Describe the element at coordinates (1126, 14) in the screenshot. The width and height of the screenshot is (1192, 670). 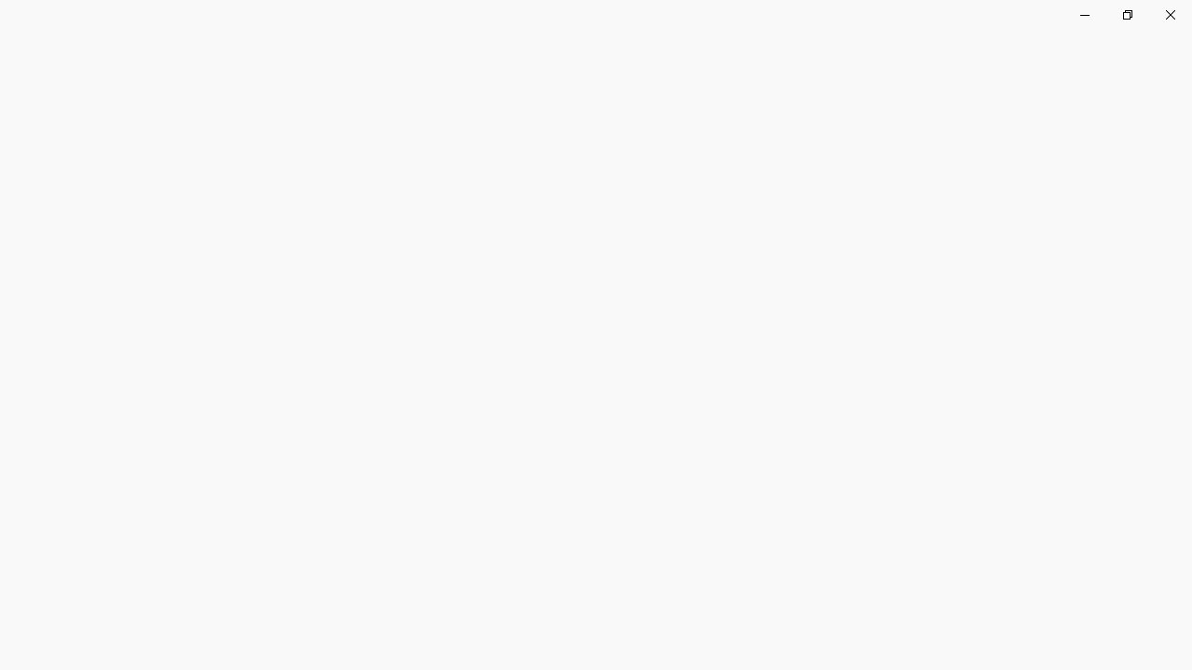
I see `'Restore Clock'` at that location.